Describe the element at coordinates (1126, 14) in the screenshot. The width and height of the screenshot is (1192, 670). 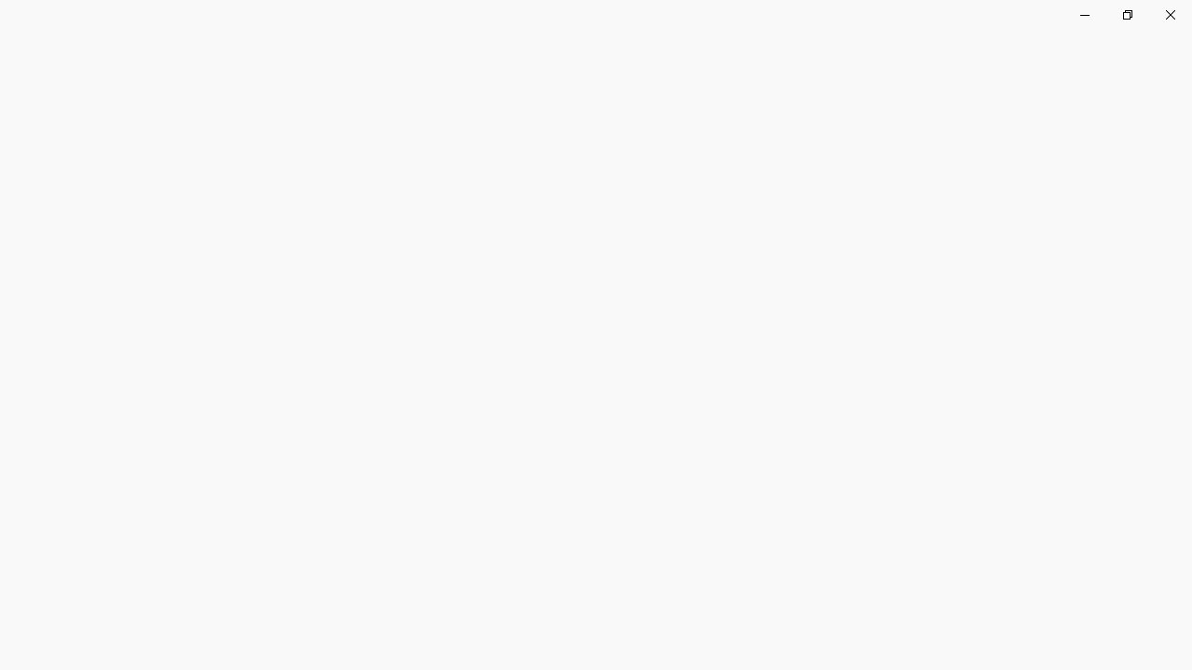
I see `'Restore Clock'` at that location.